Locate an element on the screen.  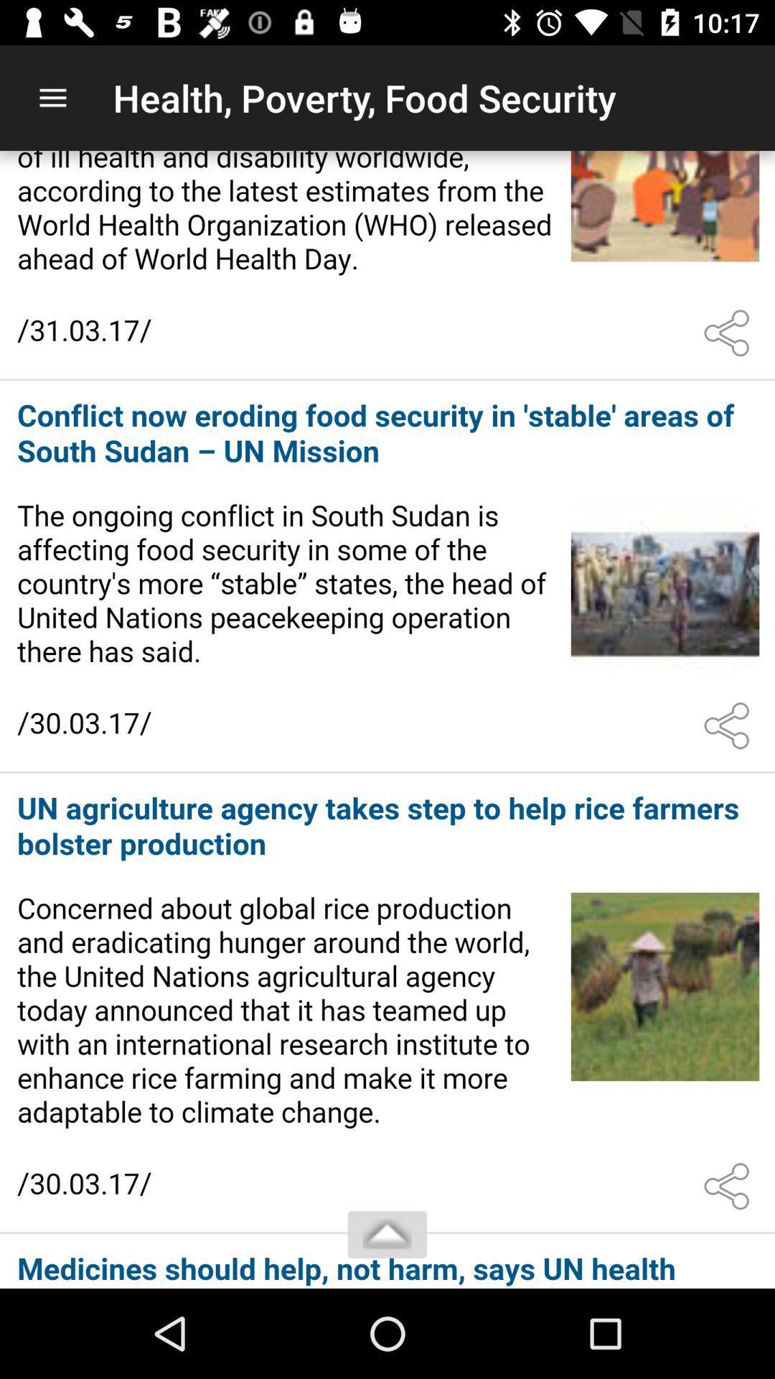
share article is located at coordinates (730, 726).